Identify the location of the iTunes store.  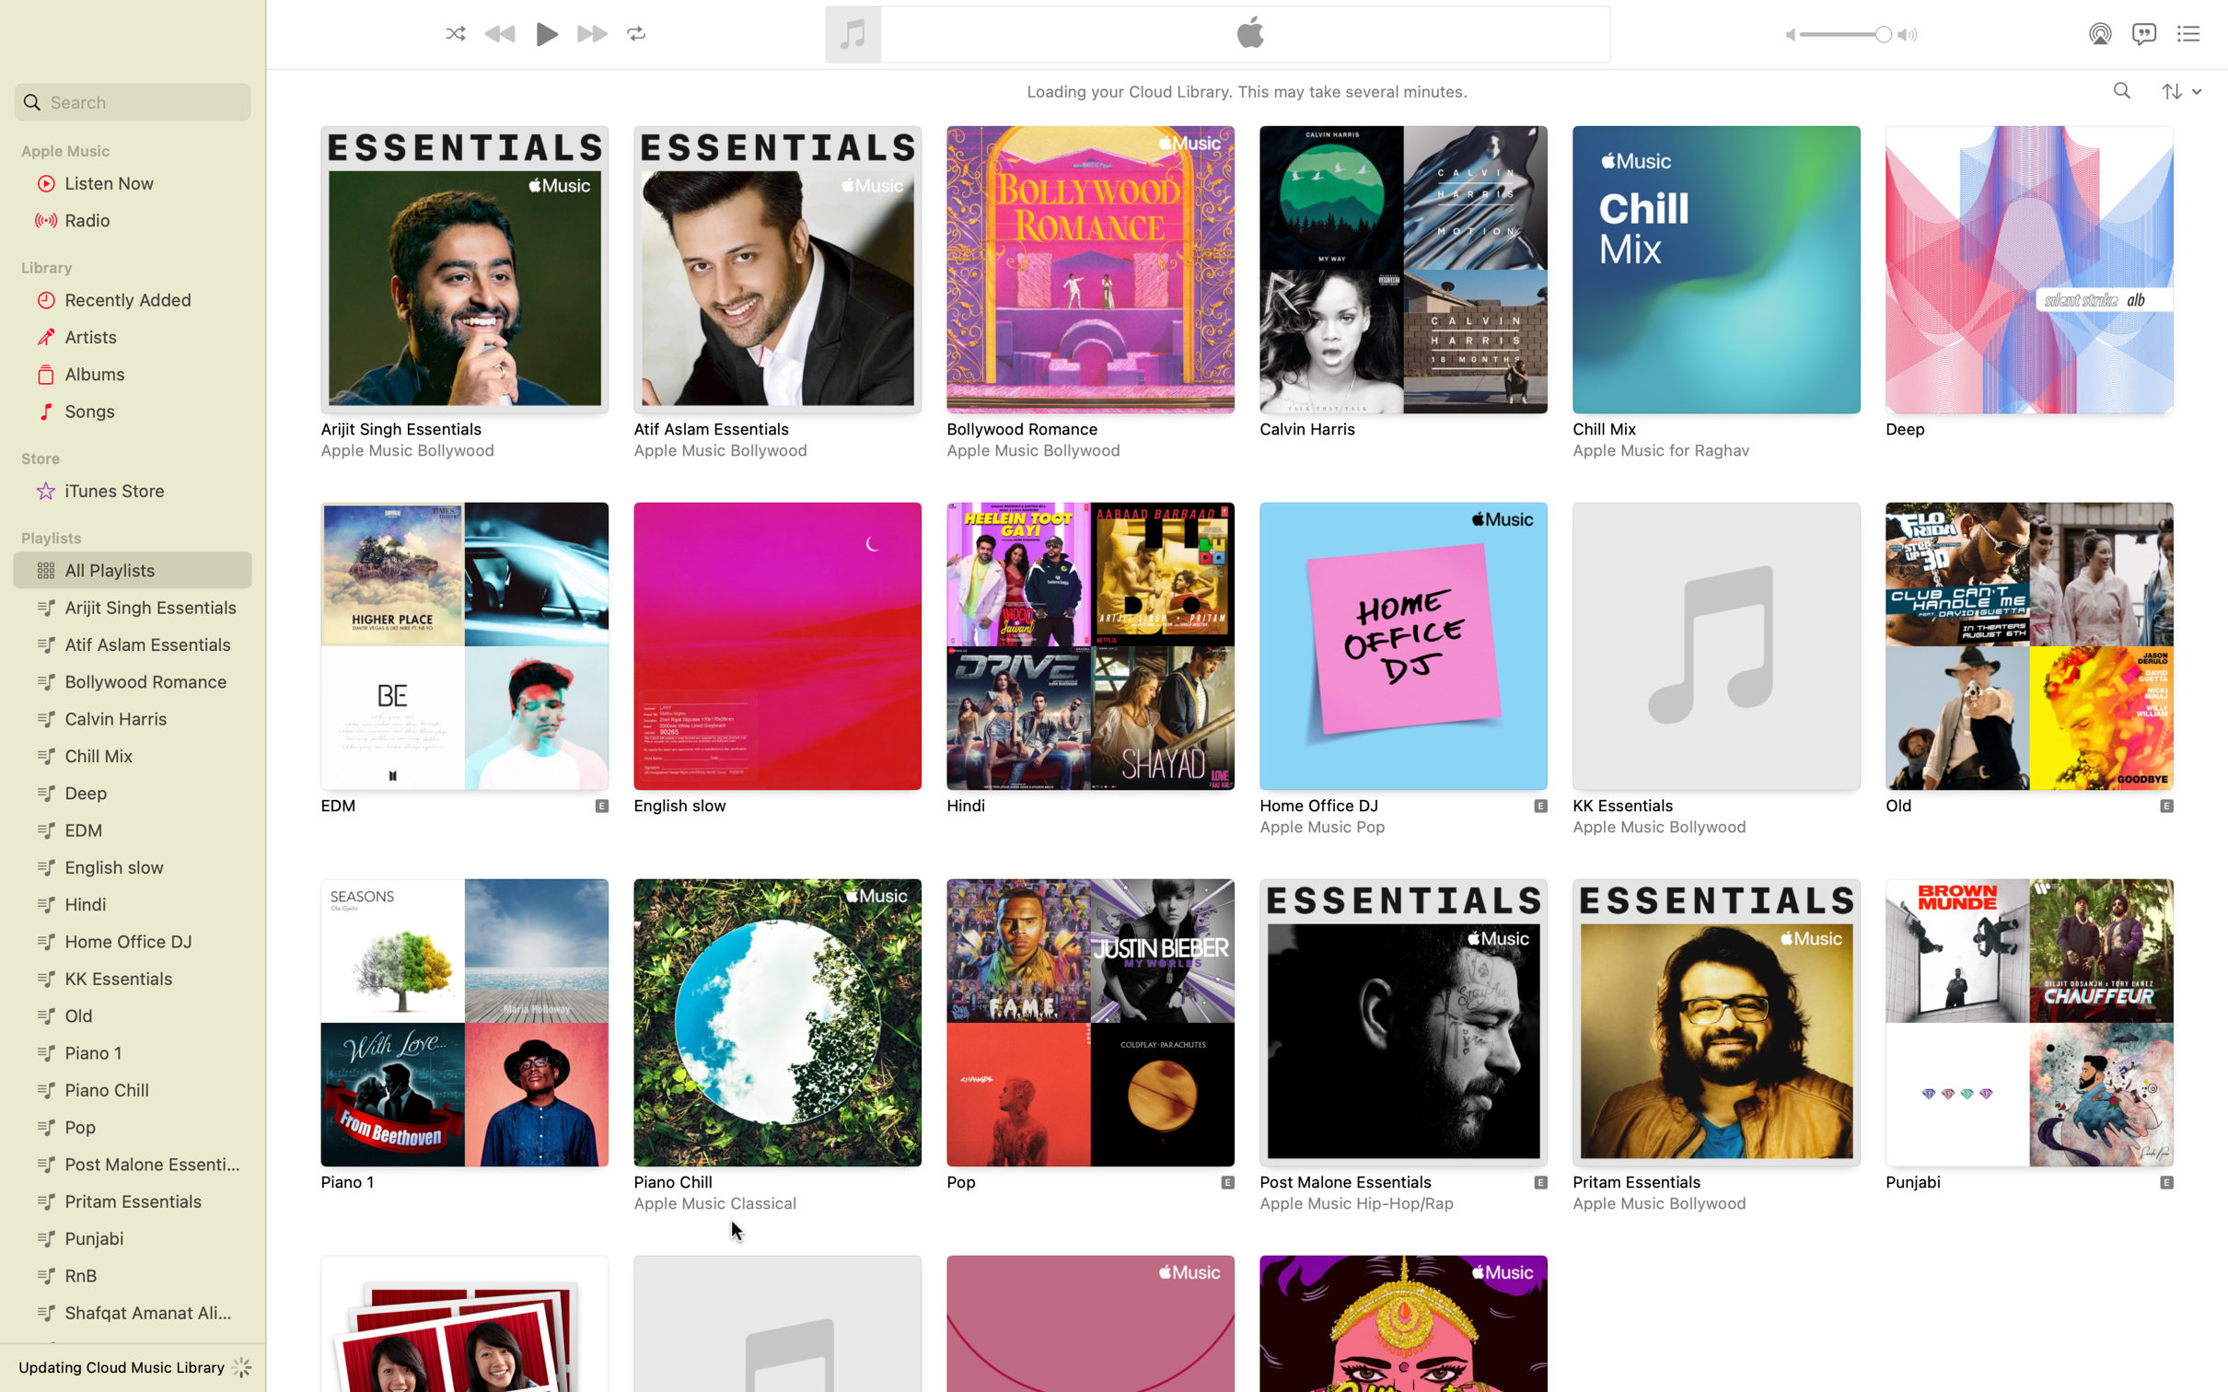
(129, 492).